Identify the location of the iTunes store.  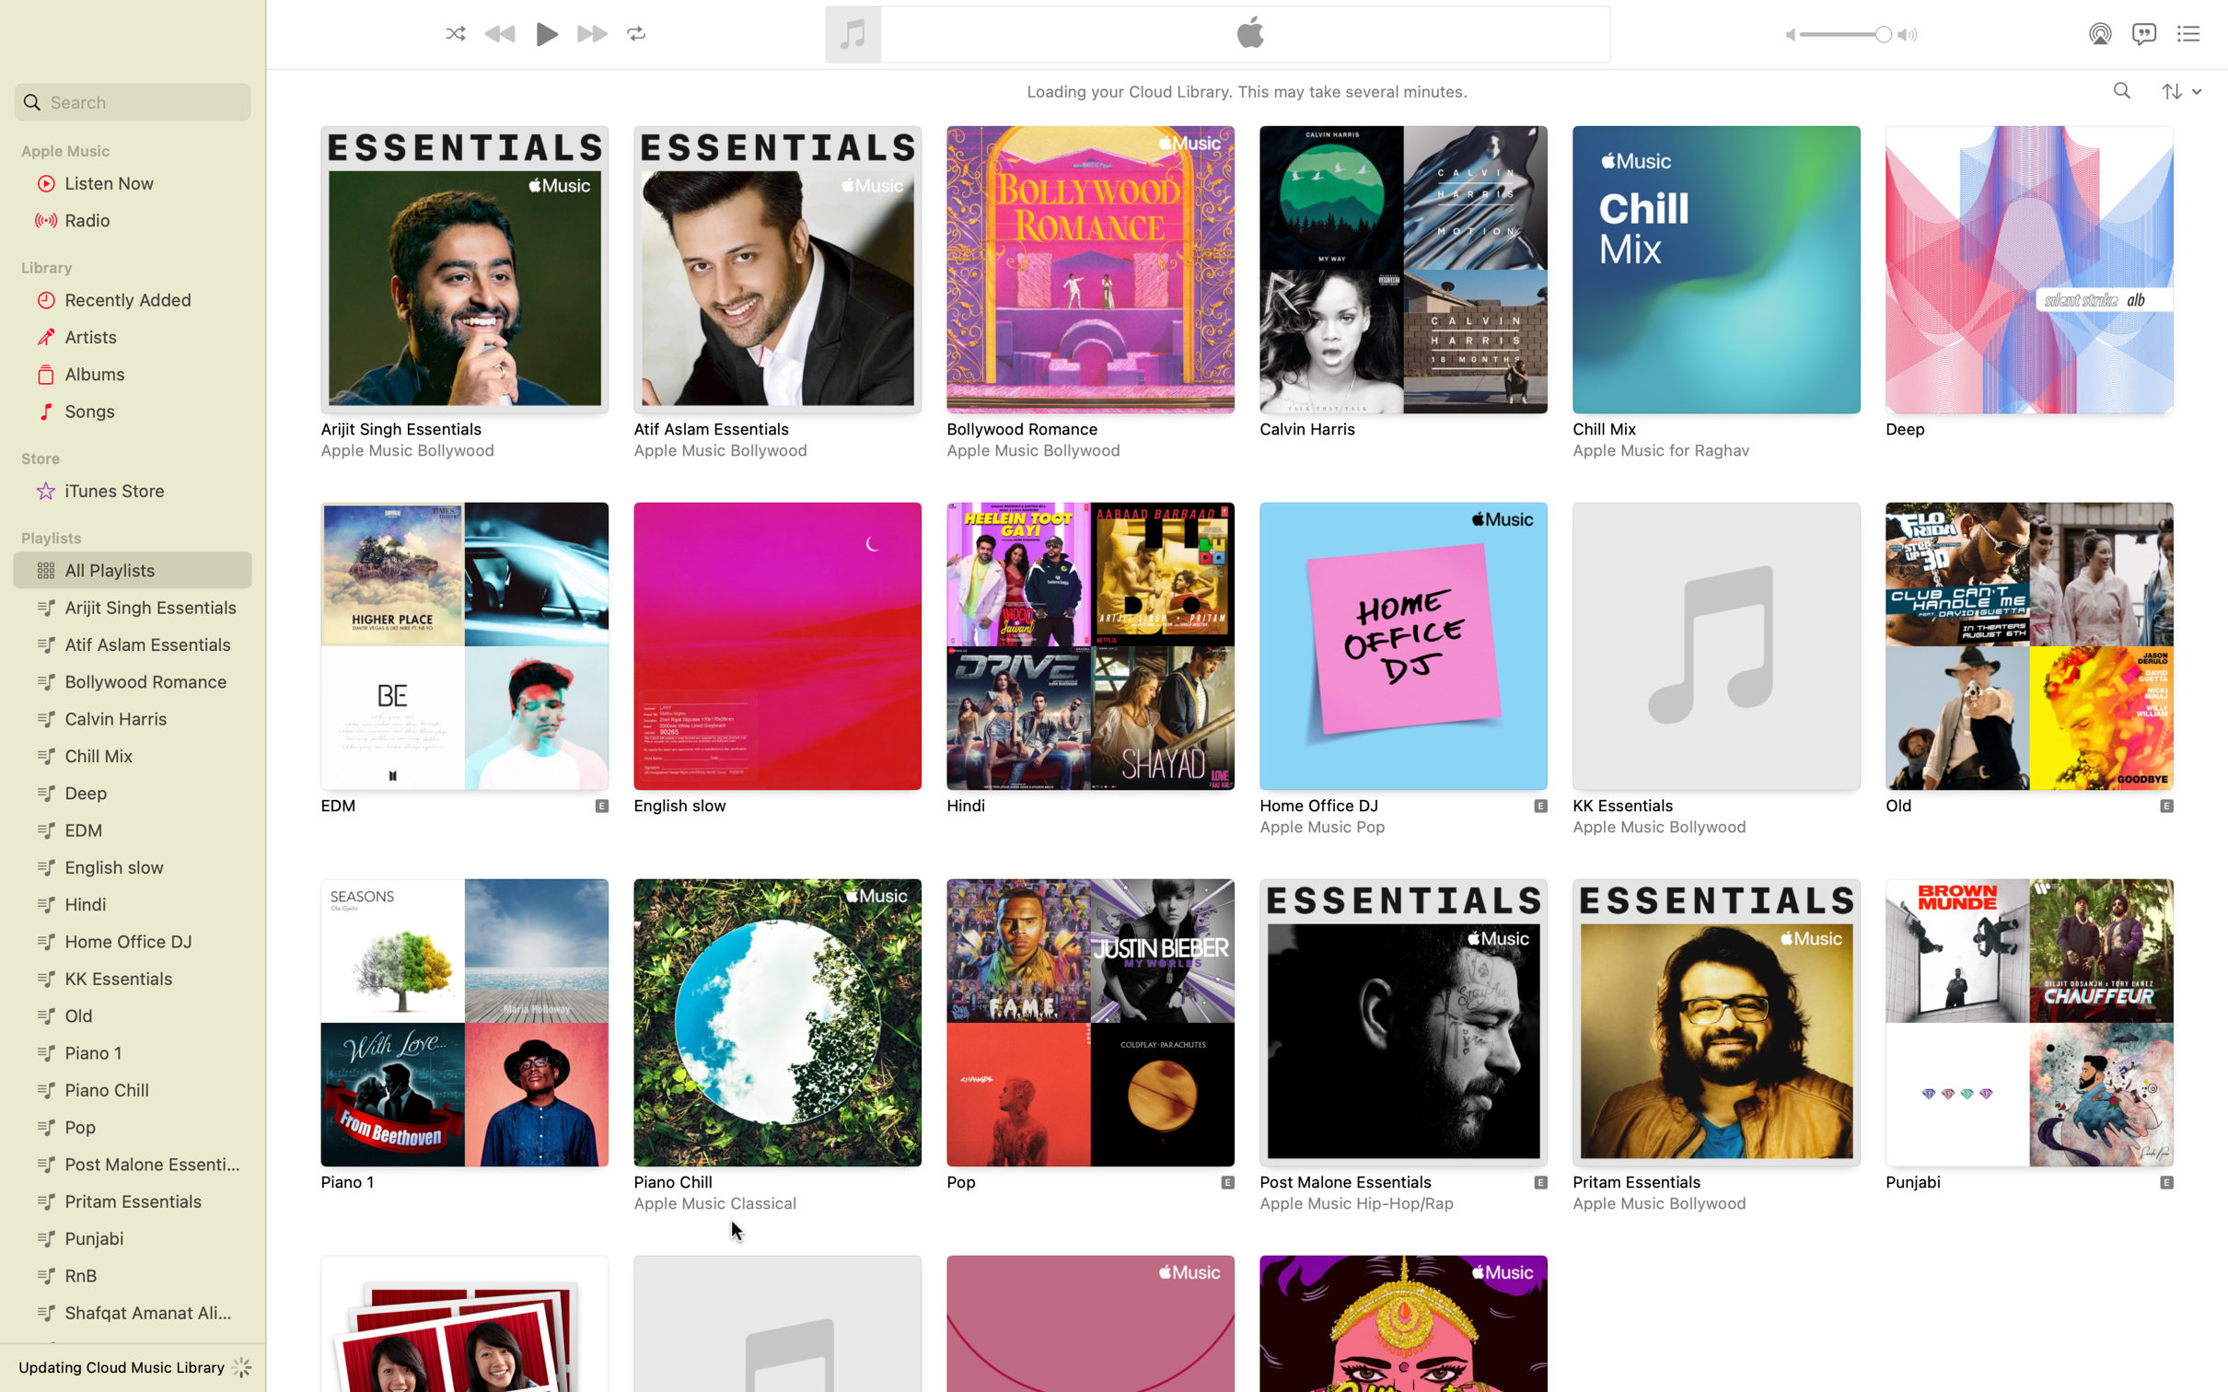
(129, 492).